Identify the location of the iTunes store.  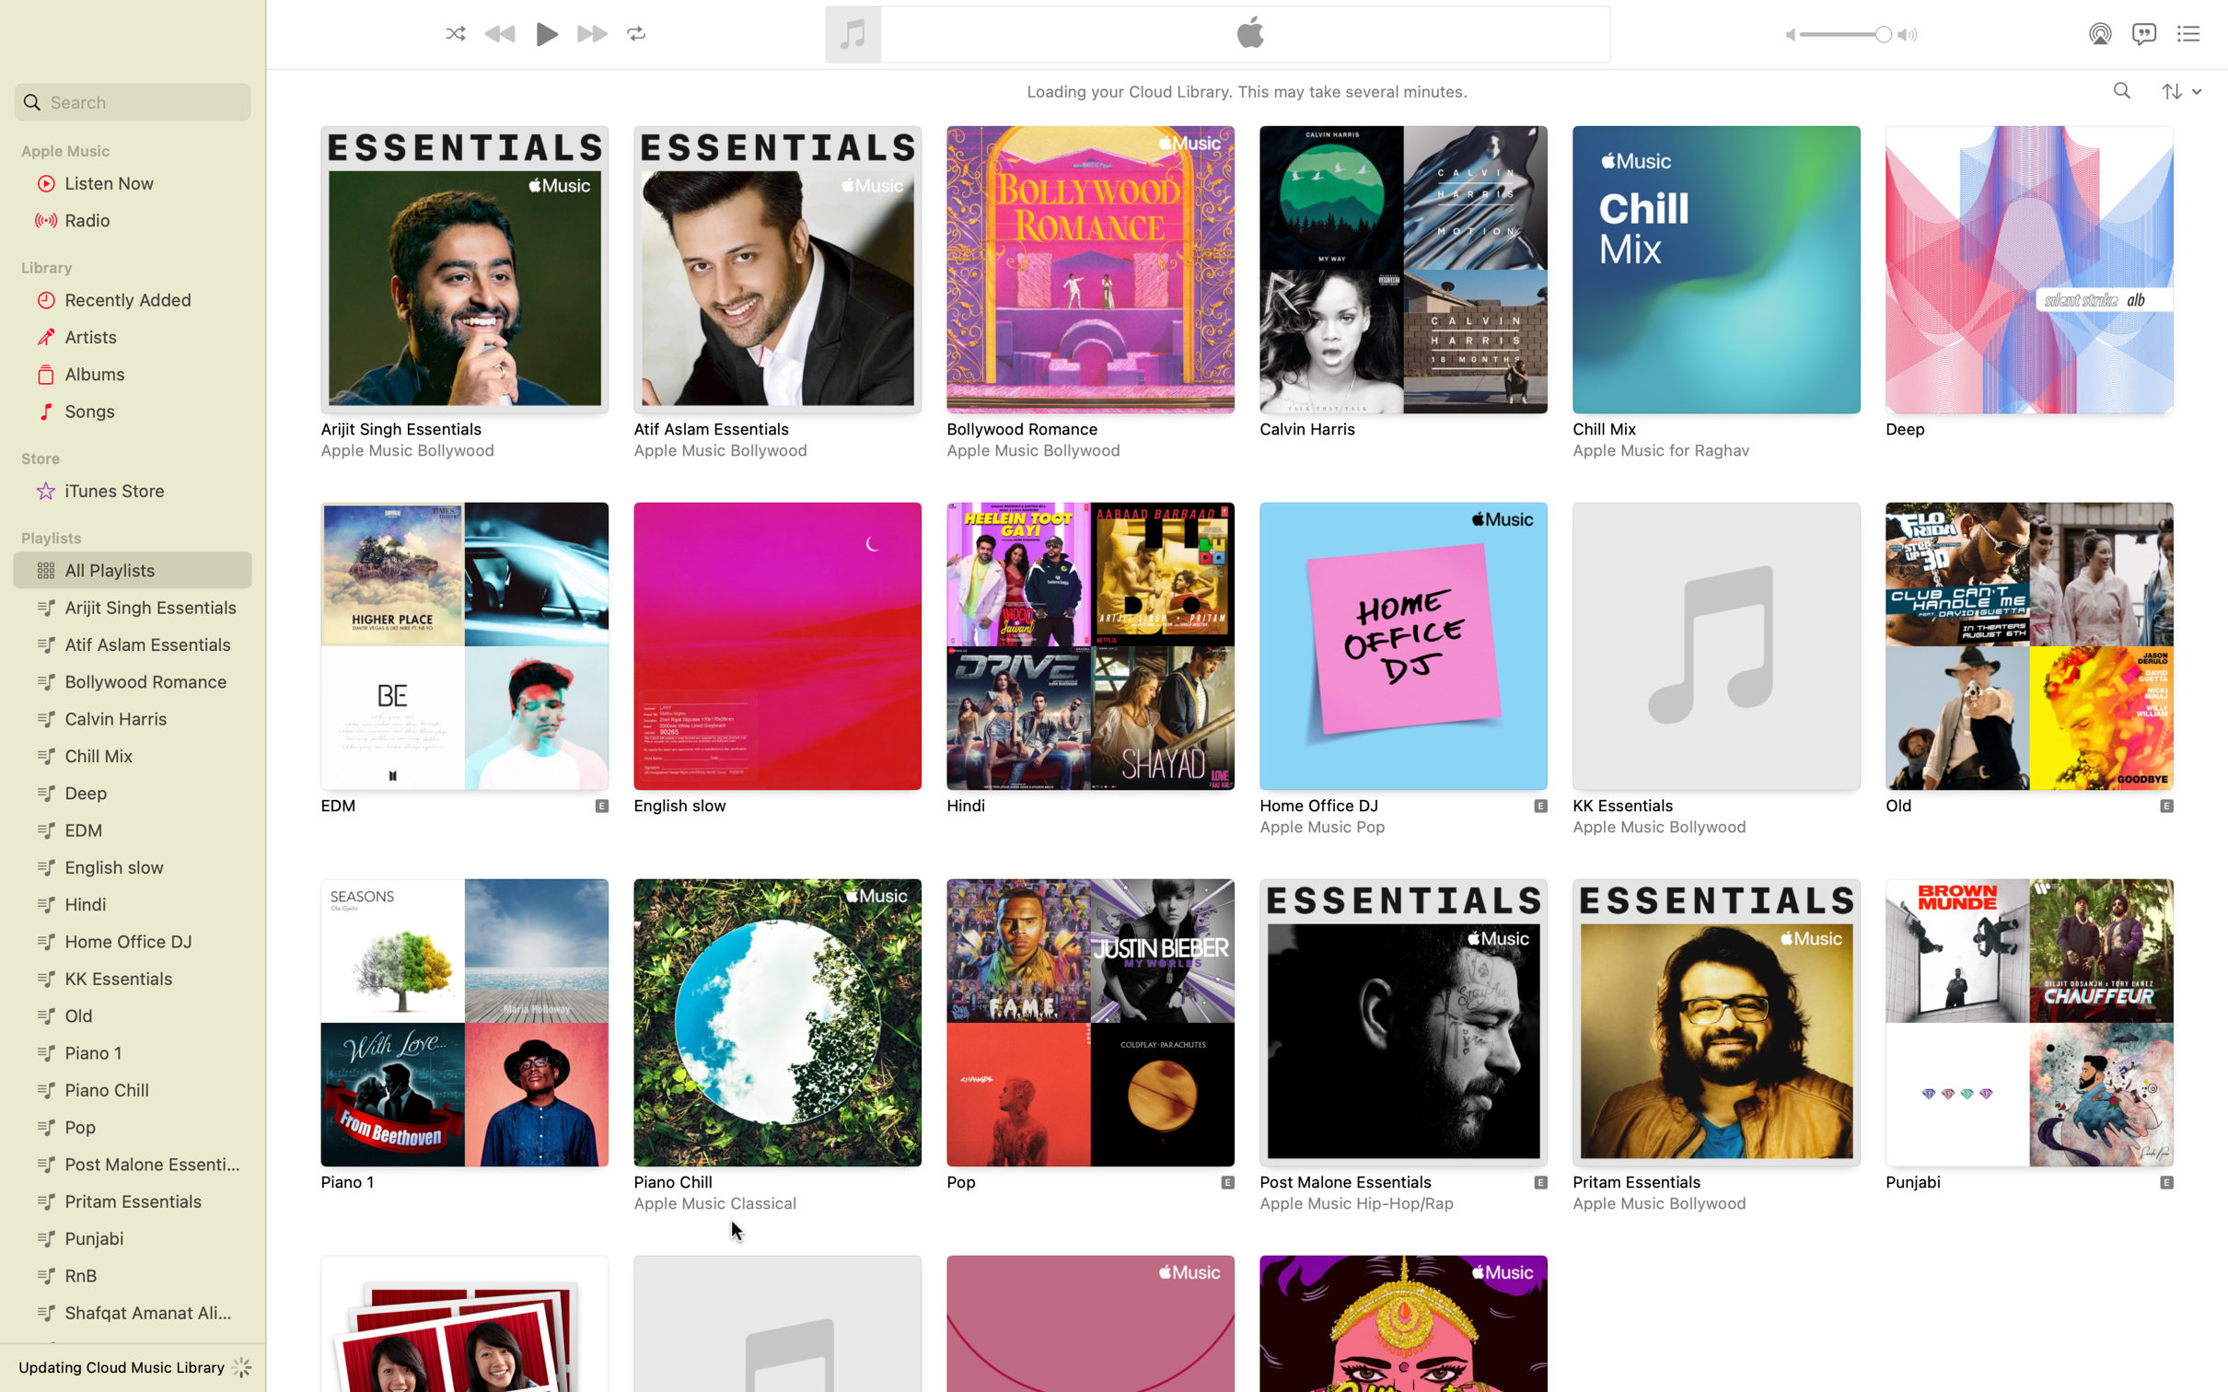
(129, 492).